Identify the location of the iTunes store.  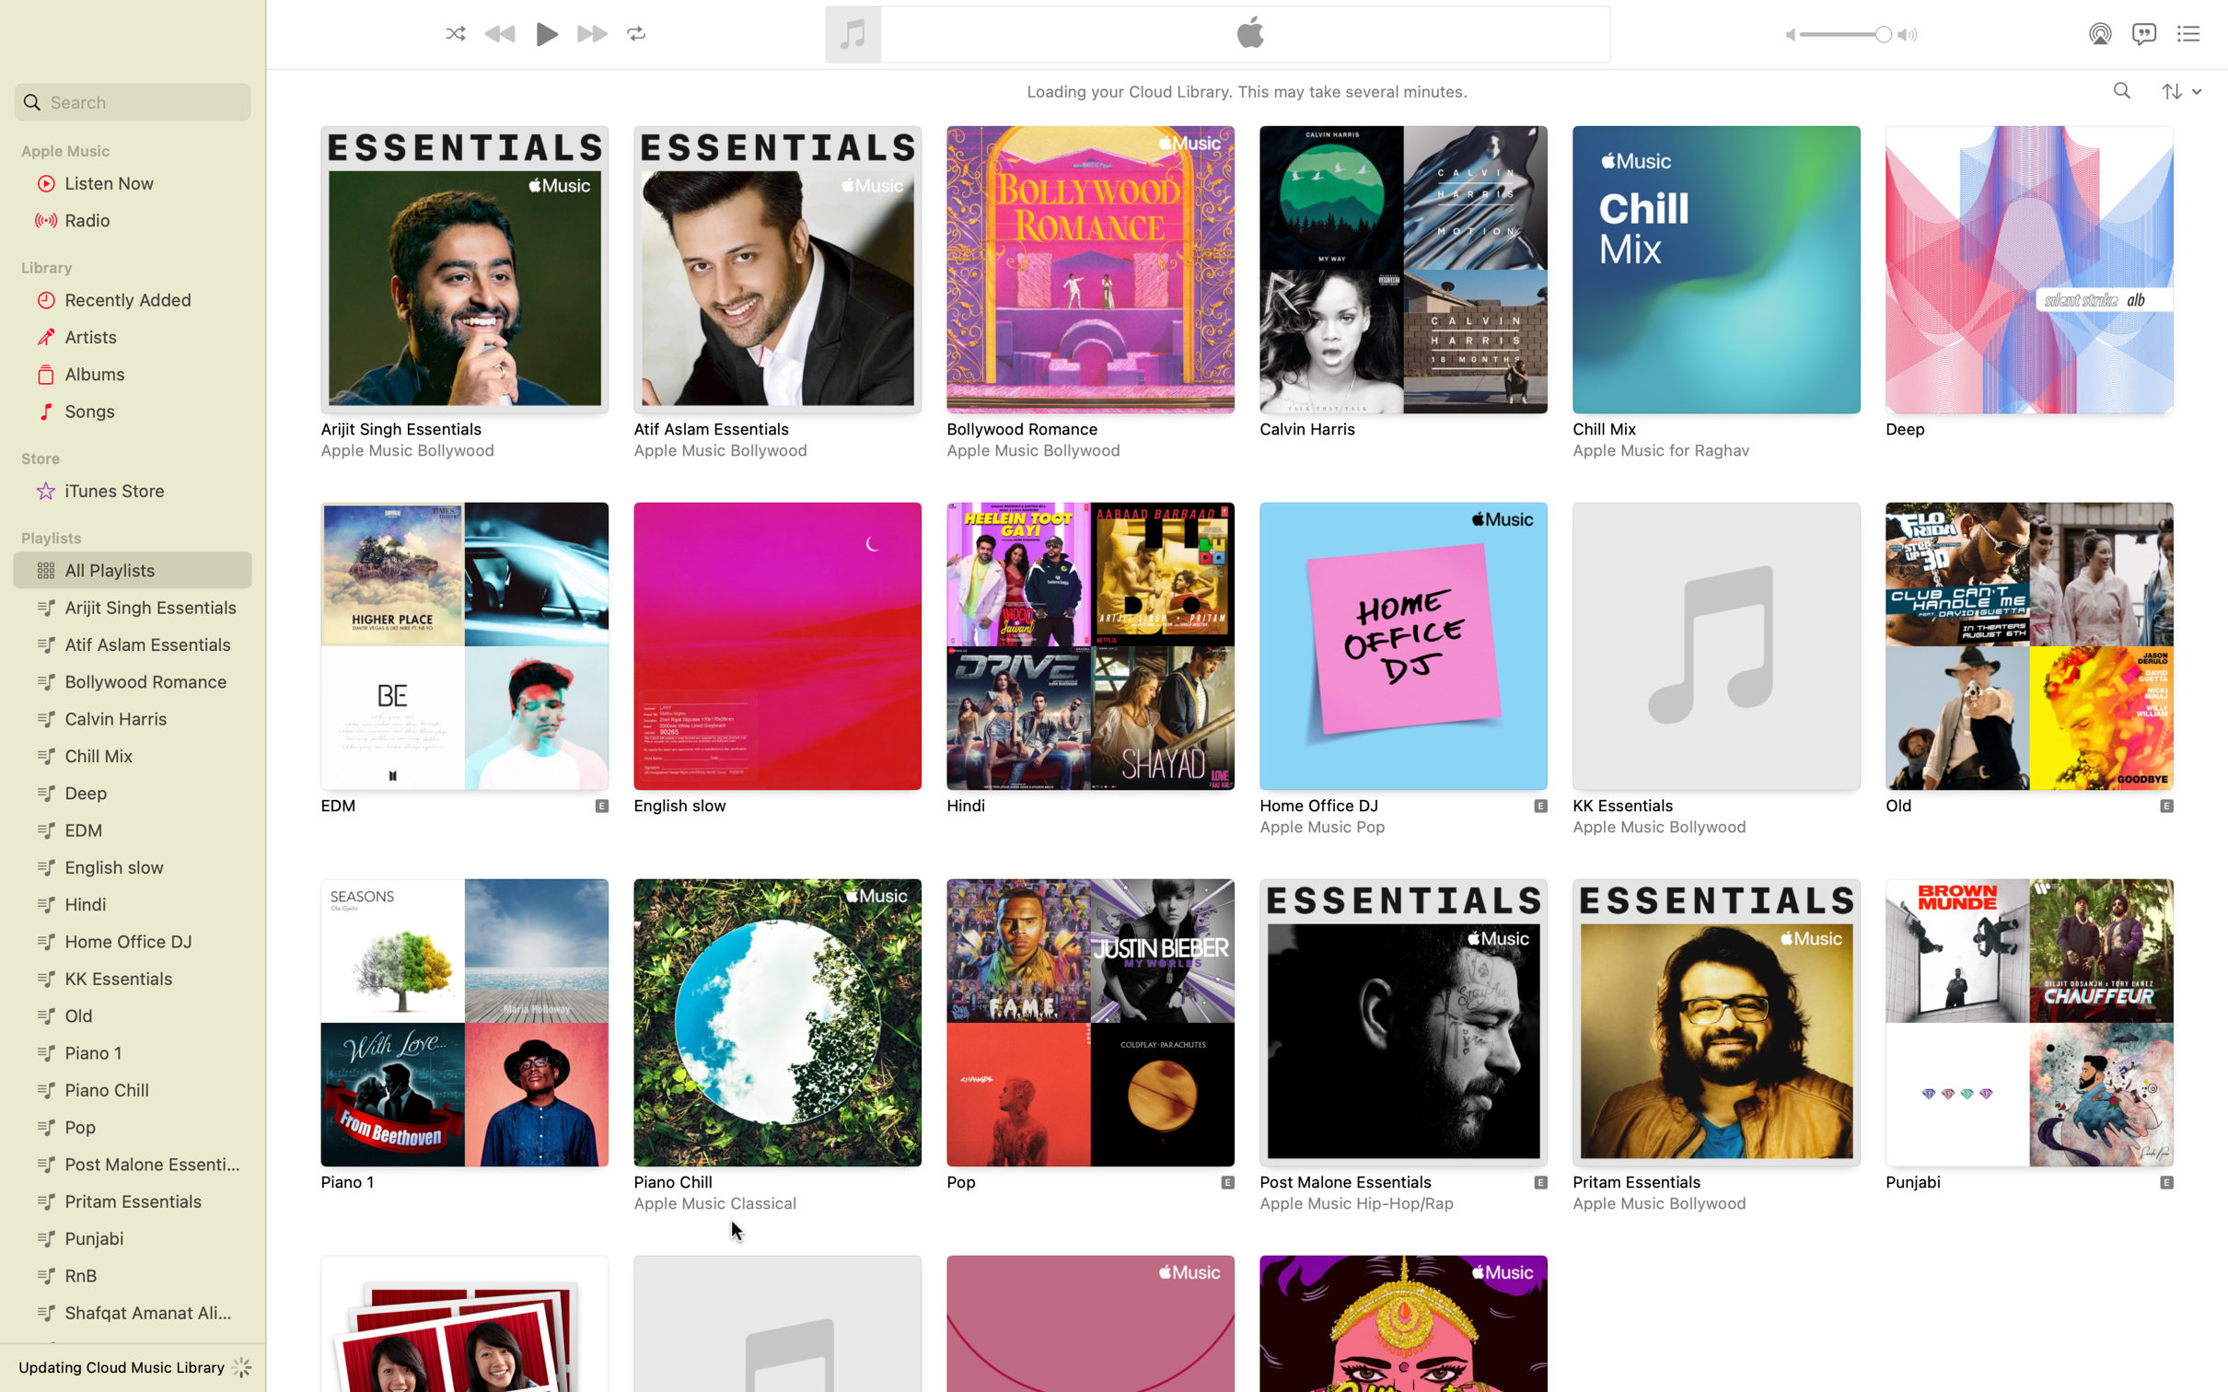
(129, 492).